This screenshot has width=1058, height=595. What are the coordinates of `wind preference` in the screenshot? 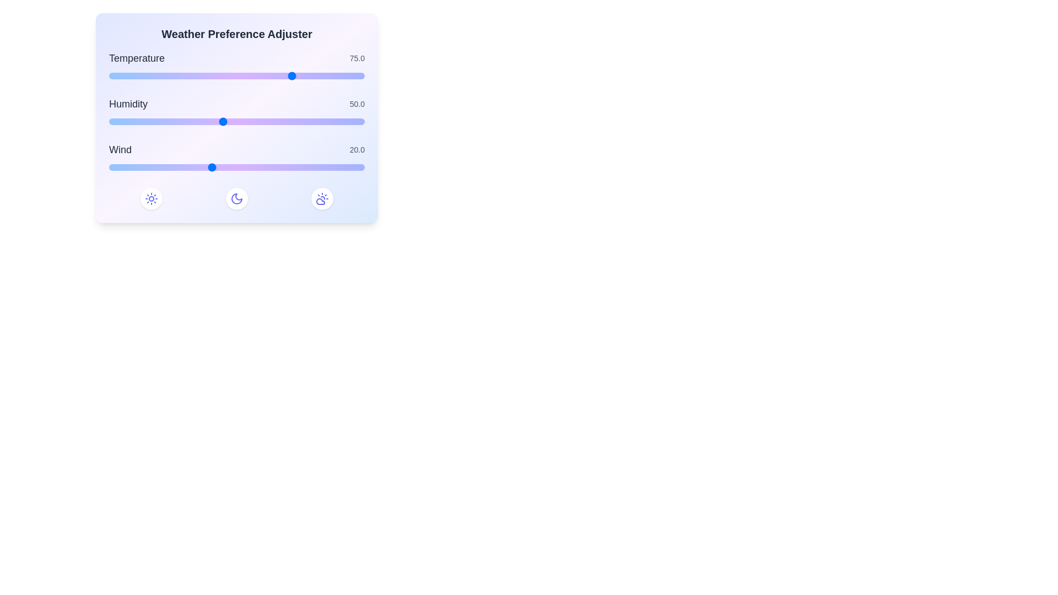 It's located at (323, 167).